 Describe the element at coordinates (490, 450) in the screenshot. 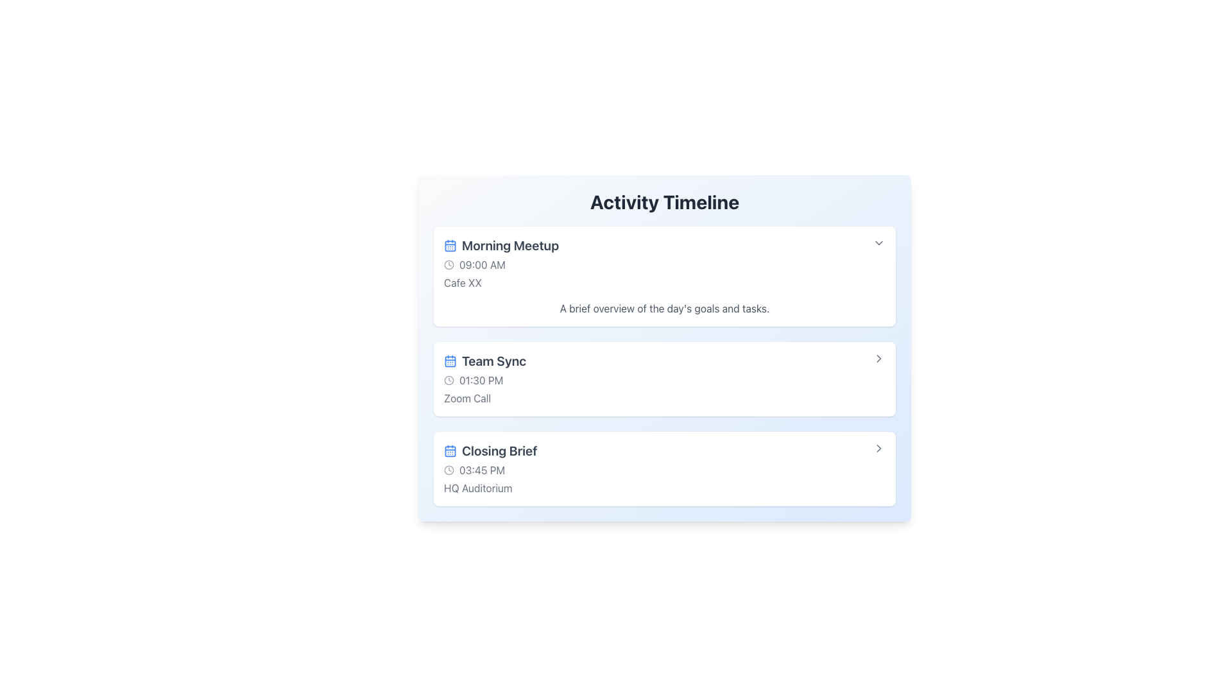

I see `the 'Closing Brief' text label with a calendar icon, which is styled with a larger font size and bold weight, located under the 'Team Sync' event in the 'Activity Timeline' card` at that location.